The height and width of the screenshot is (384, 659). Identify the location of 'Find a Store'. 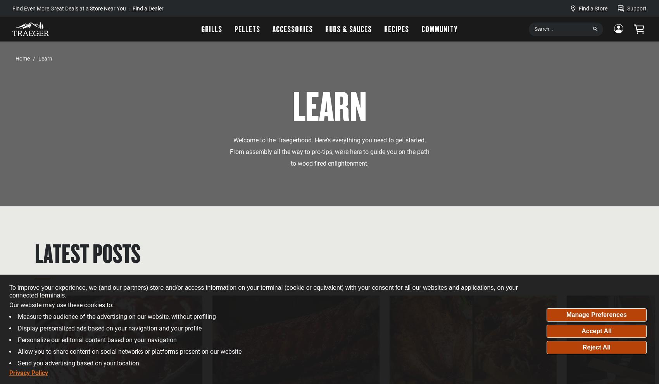
(593, 7).